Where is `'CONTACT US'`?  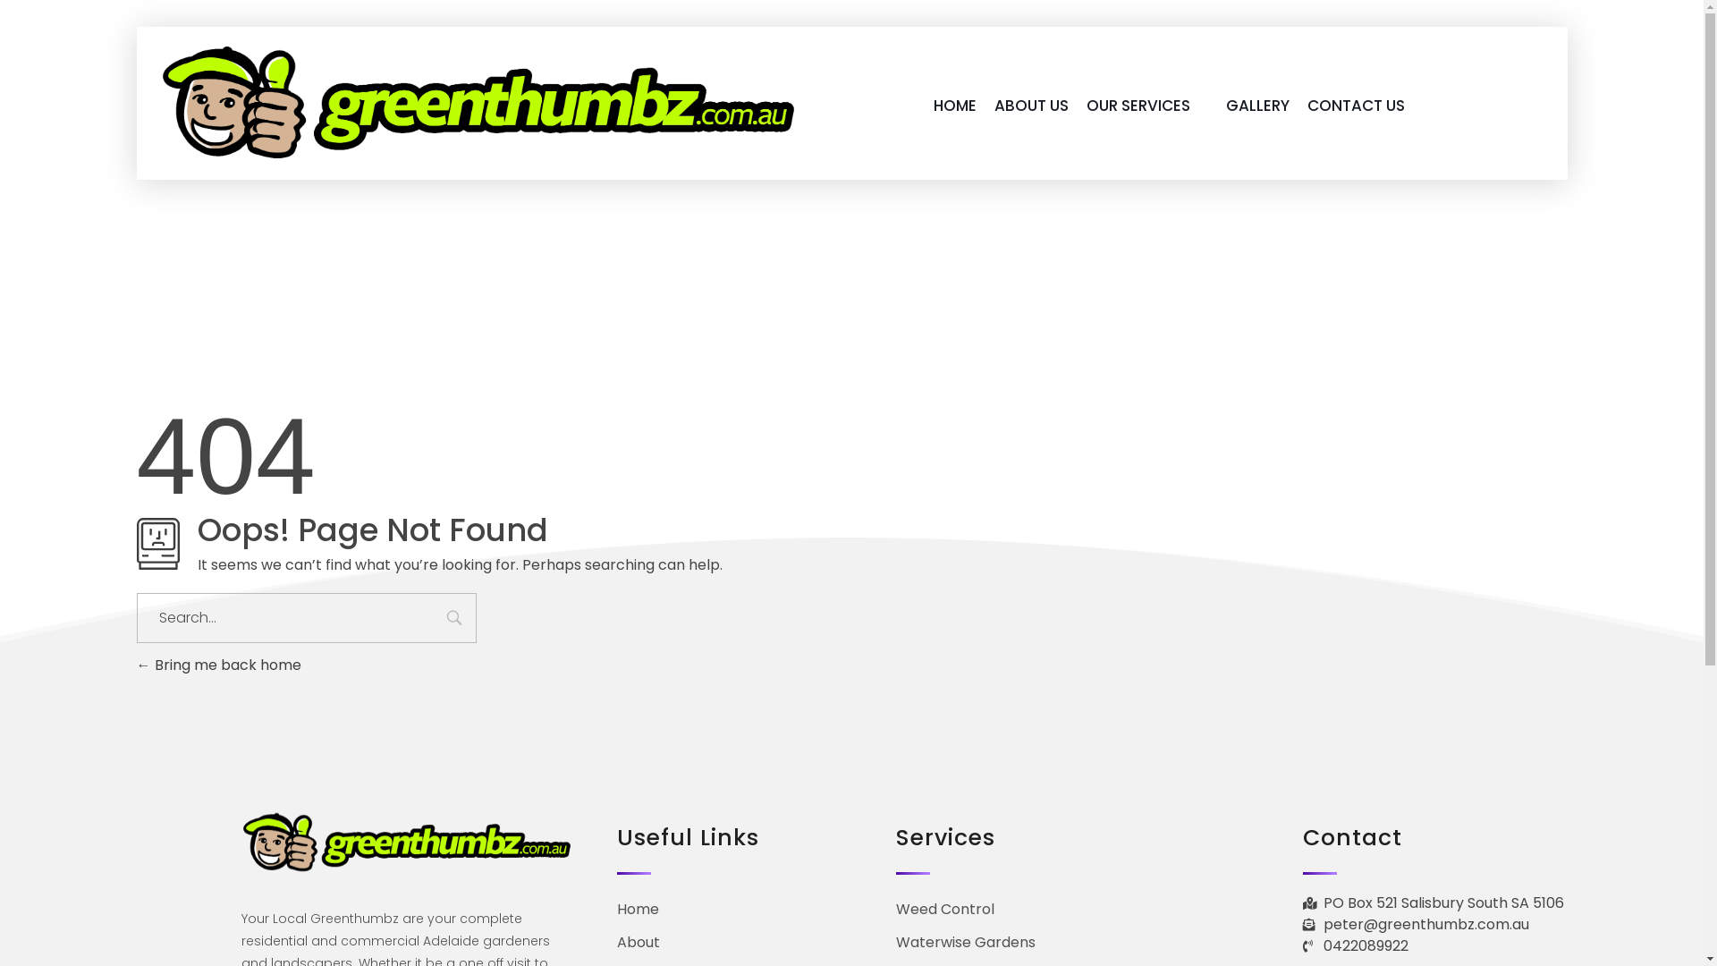
'CONTACT US' is located at coordinates (1356, 106).